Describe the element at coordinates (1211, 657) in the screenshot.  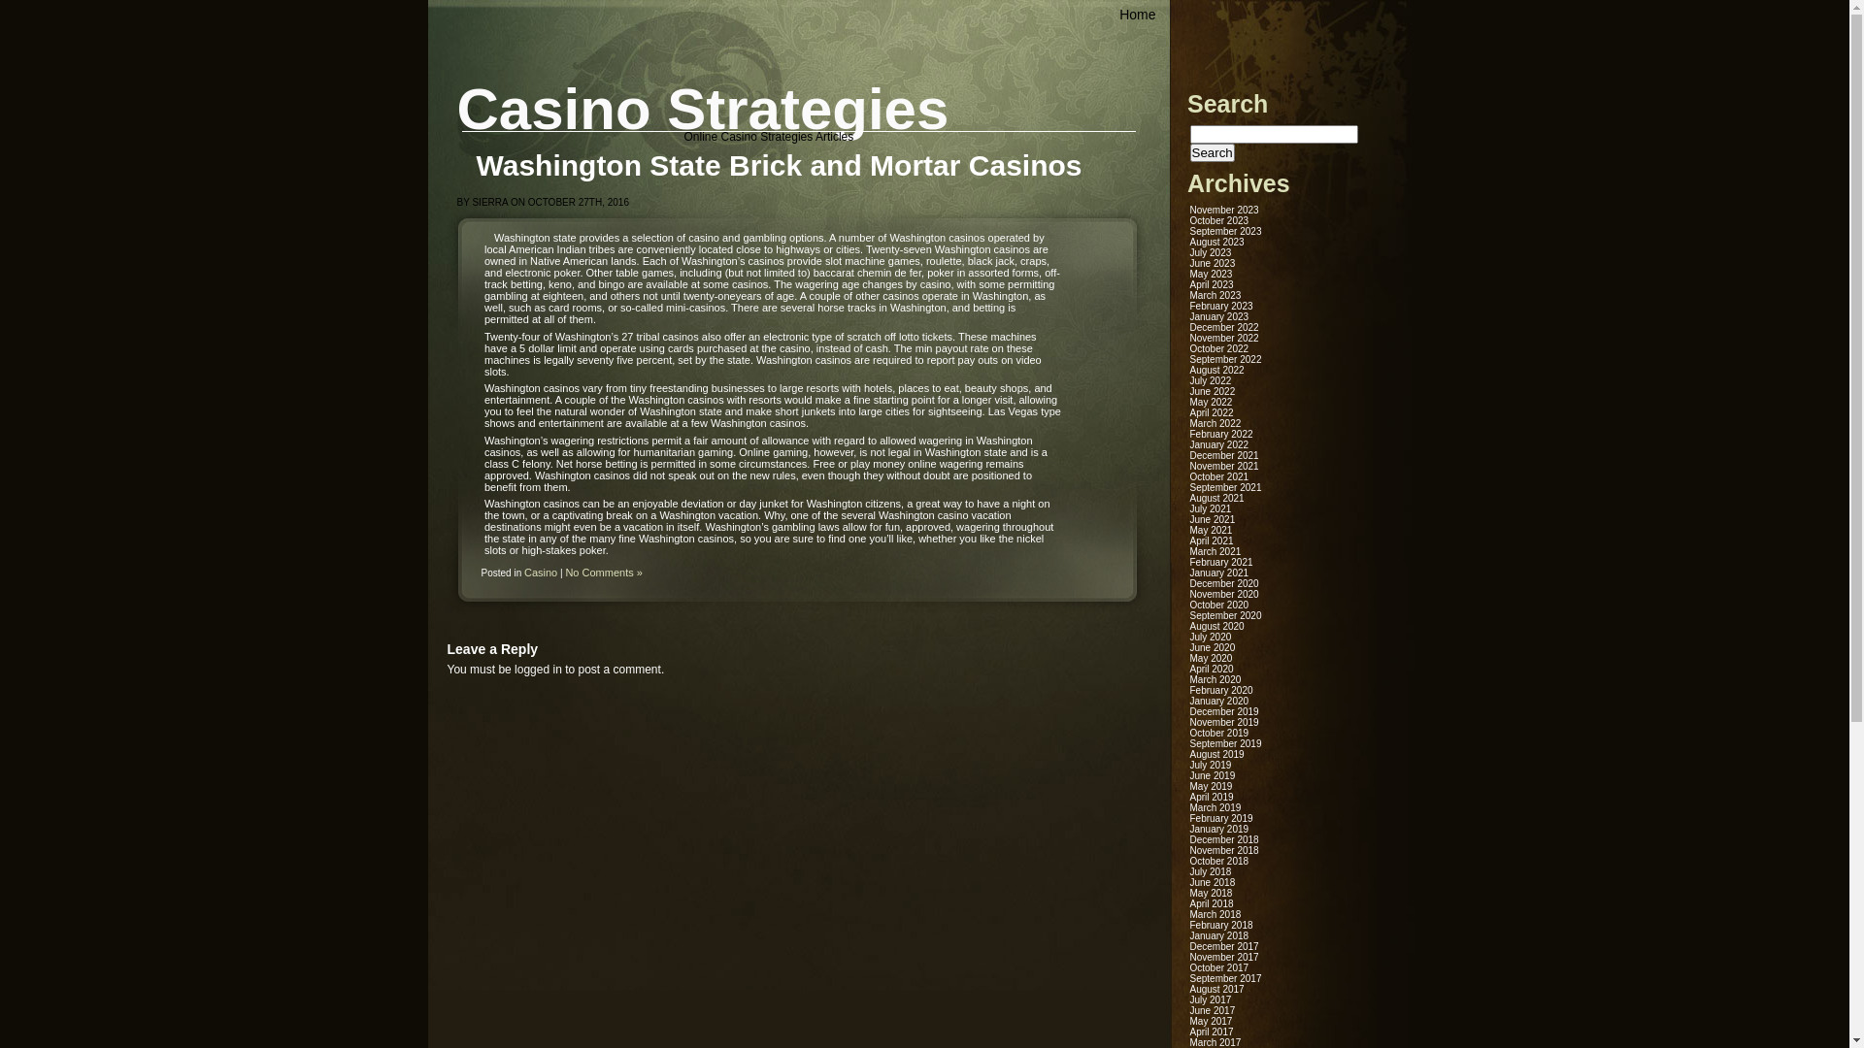
I see `'May 2020'` at that location.